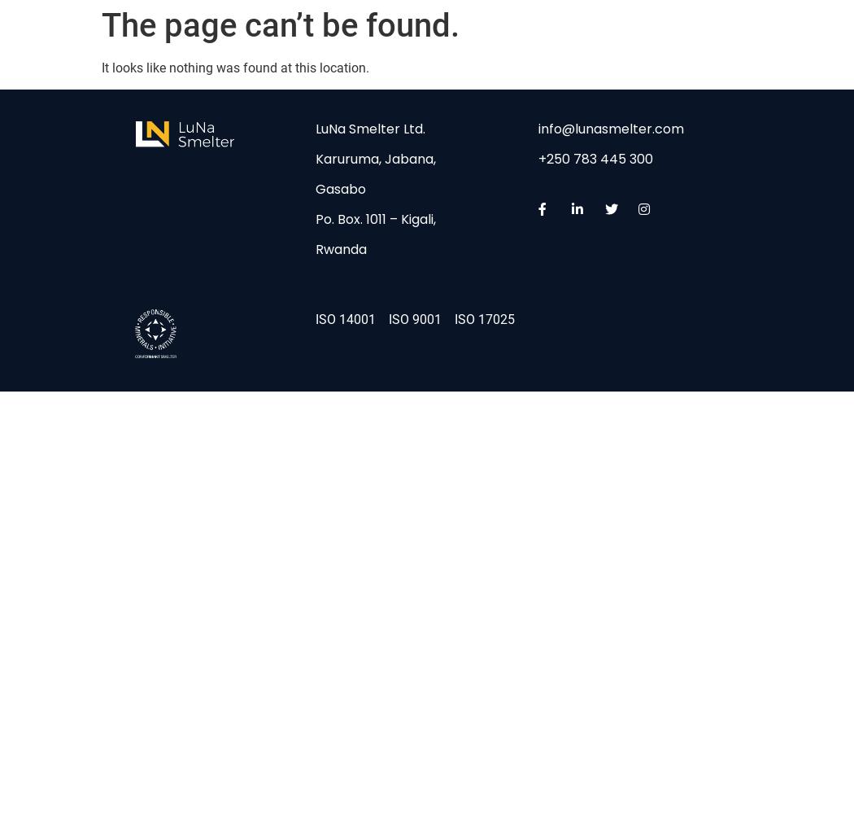 This screenshot has width=854, height=814. What do you see at coordinates (414, 318) in the screenshot?
I see `'ISO 9001'` at bounding box center [414, 318].